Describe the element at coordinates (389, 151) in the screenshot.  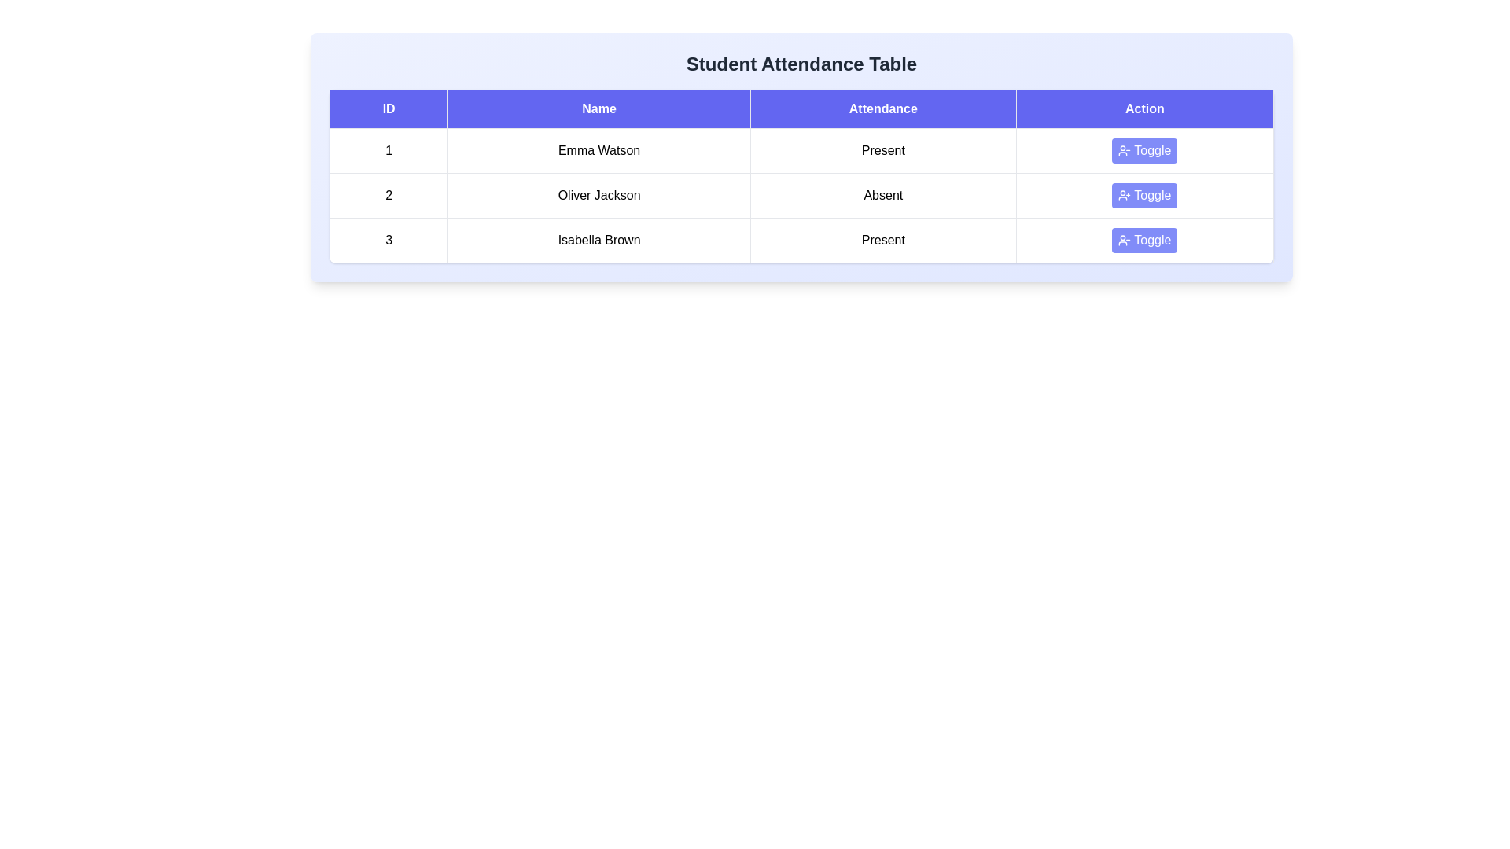
I see `the table cell containing the number '1' in the first row of the table, which is in the leftmost column labeled as 'ID'` at that location.